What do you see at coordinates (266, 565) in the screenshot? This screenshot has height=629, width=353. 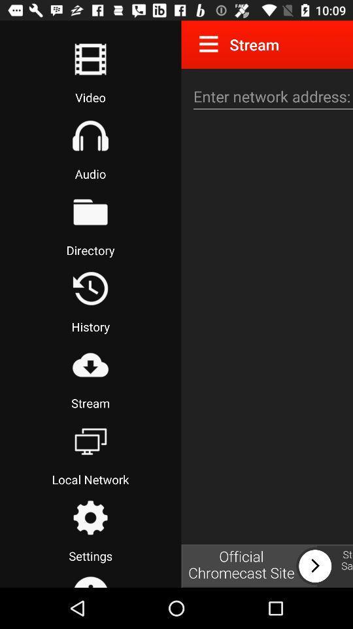 I see `chromecast site` at bounding box center [266, 565].